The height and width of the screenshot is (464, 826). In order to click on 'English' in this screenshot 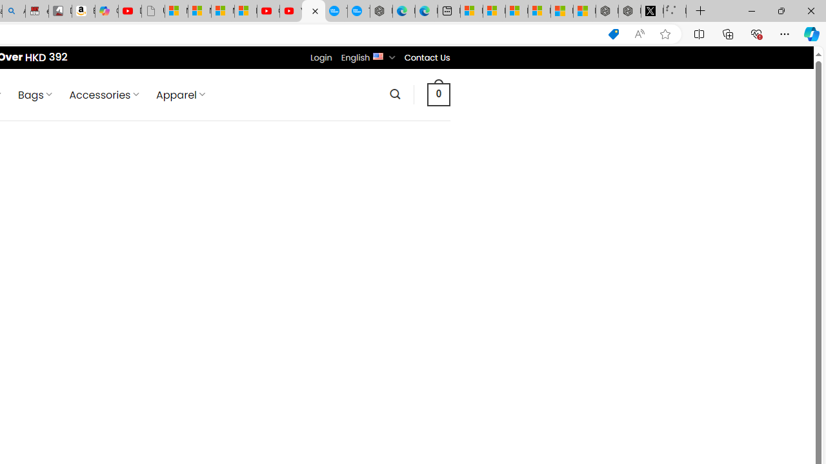, I will do `click(378, 55)`.